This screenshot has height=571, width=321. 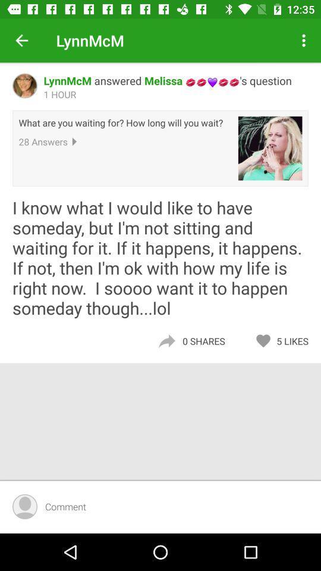 What do you see at coordinates (270, 148) in the screenshot?
I see `the item above the i know what item` at bounding box center [270, 148].